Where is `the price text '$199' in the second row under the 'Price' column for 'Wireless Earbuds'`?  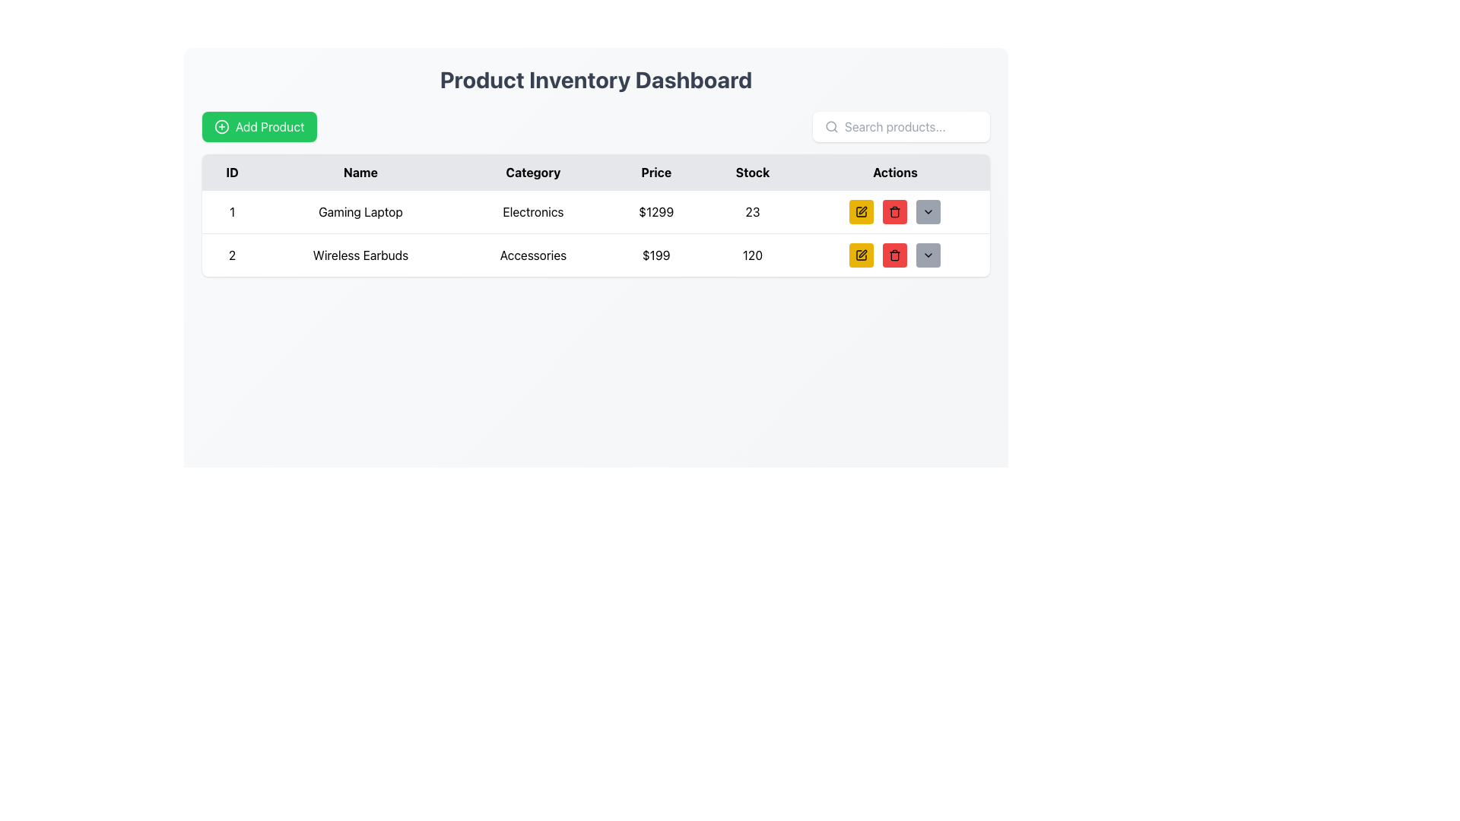 the price text '$199' in the second row under the 'Price' column for 'Wireless Earbuds' is located at coordinates (656, 254).